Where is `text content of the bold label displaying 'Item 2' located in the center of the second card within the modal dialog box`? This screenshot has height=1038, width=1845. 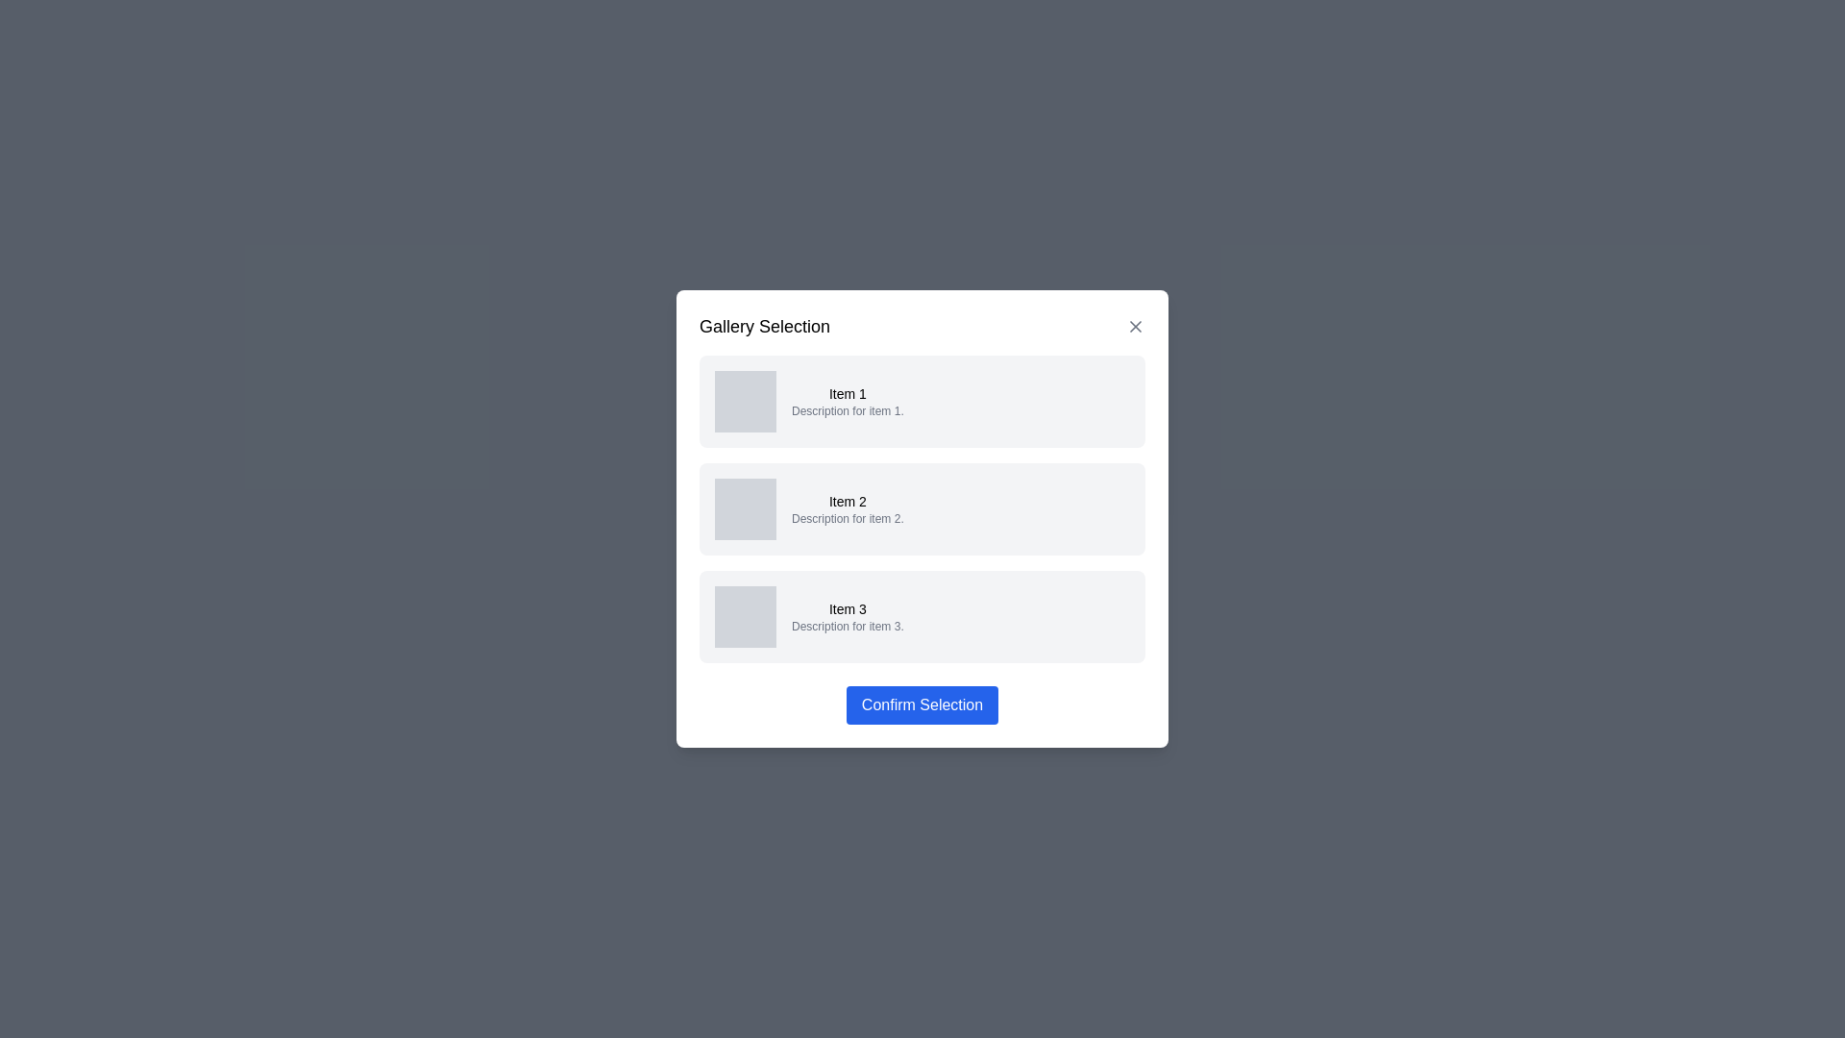 text content of the bold label displaying 'Item 2' located in the center of the second card within the modal dialog box is located at coordinates (847, 500).